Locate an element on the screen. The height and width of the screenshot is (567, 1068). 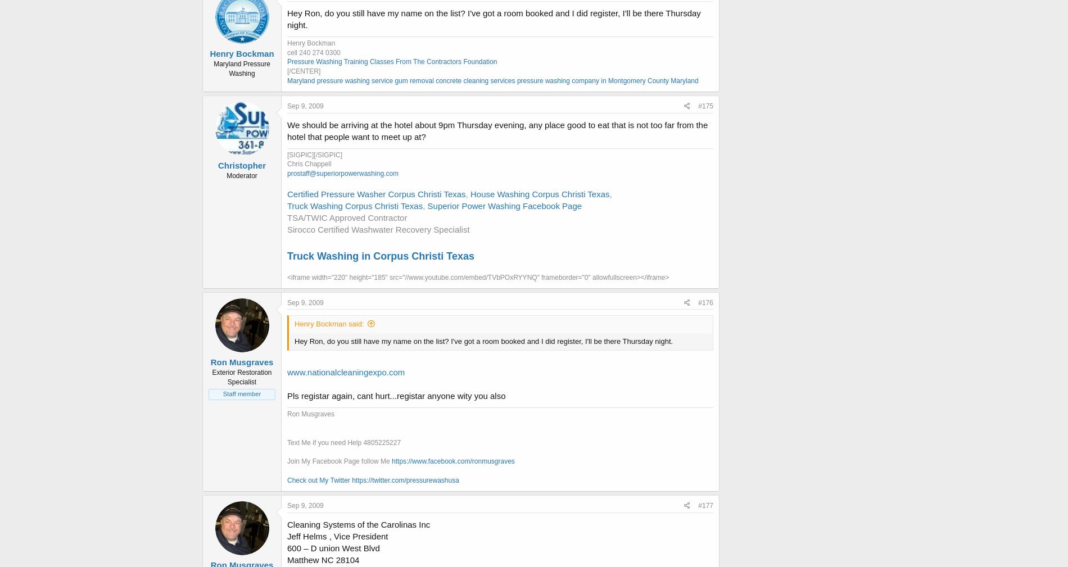
'#176' is located at coordinates (705, 302).